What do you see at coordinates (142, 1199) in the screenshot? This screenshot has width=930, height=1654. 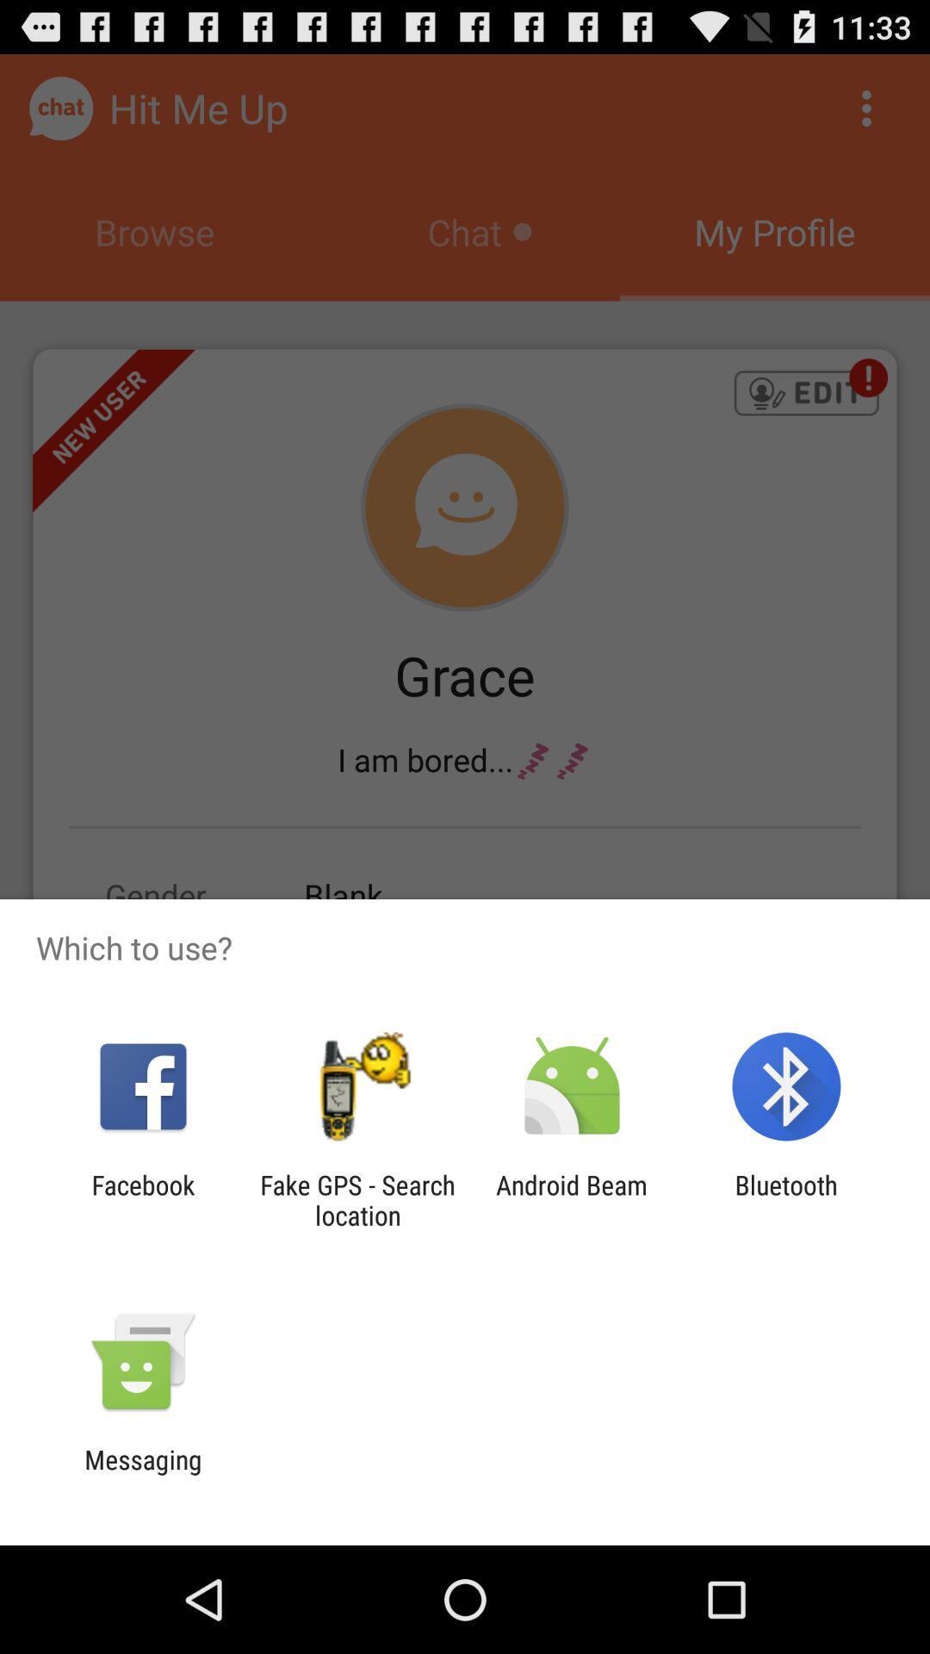 I see `item to the left of fake gps search app` at bounding box center [142, 1199].